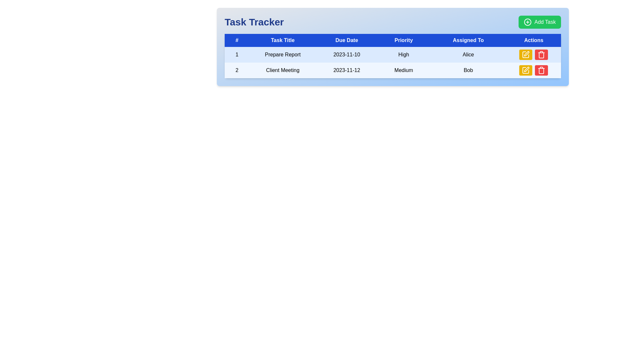 The height and width of the screenshot is (352, 627). Describe the element at coordinates (527, 53) in the screenshot. I see `the edit icon located in the 'Actions' column, specifically associated with the first row entry of the table` at that location.